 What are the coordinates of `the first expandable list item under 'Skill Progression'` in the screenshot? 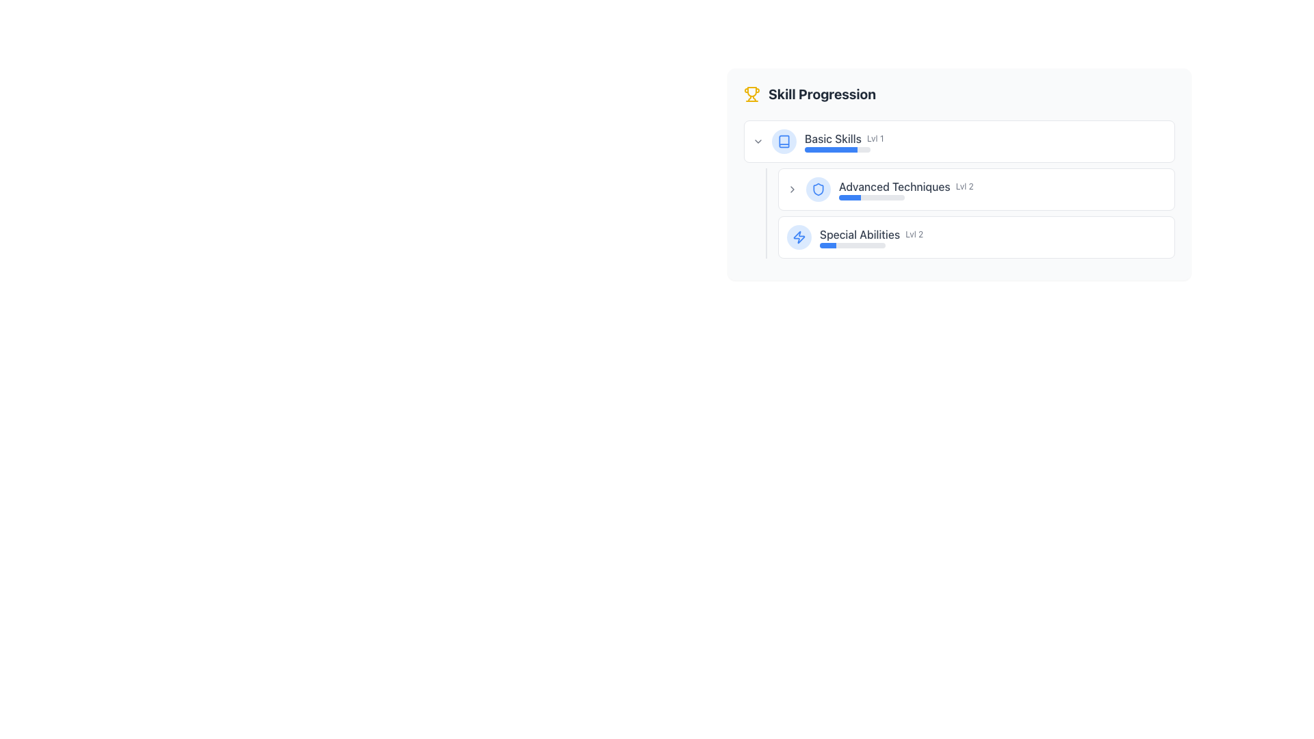 It's located at (958, 142).